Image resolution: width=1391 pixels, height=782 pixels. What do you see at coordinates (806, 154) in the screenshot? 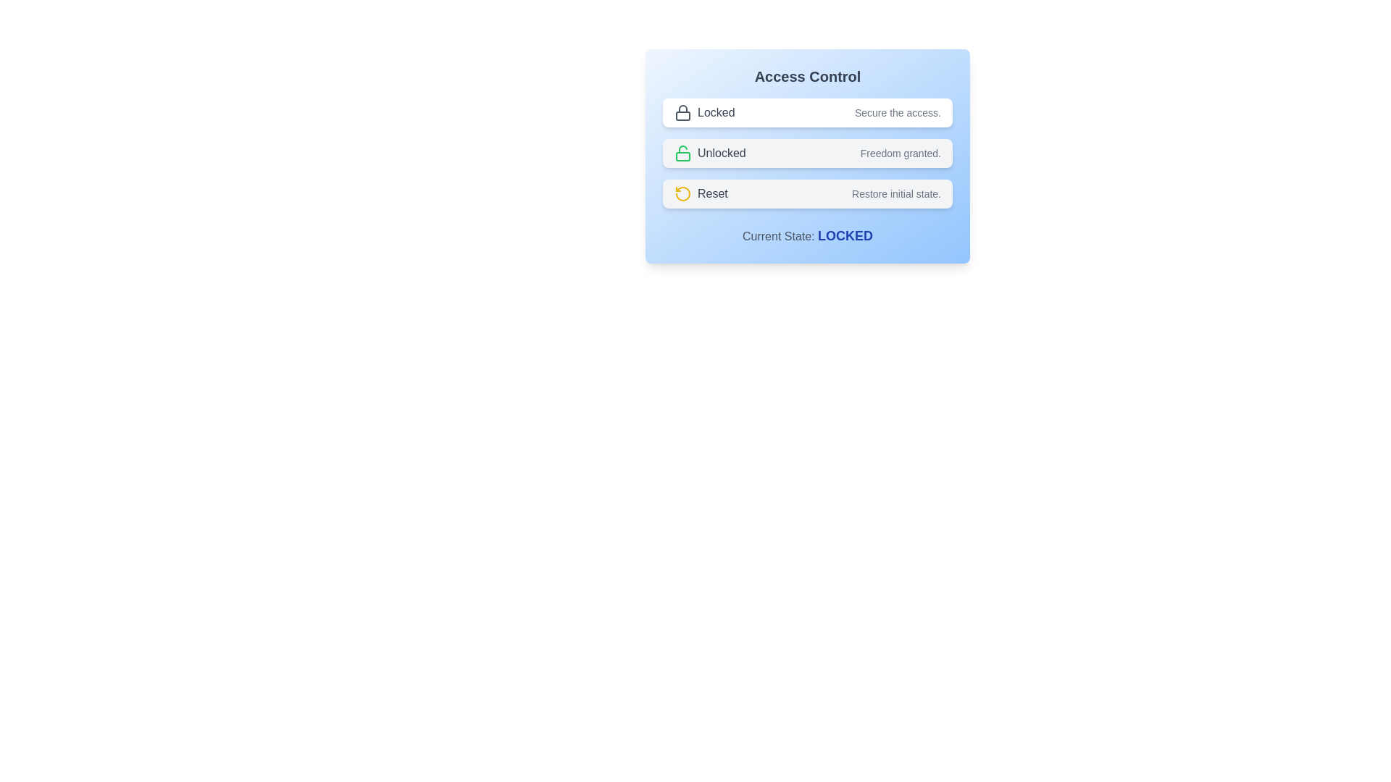
I see `the button labeled Unlocked to observe its hover effect` at bounding box center [806, 154].